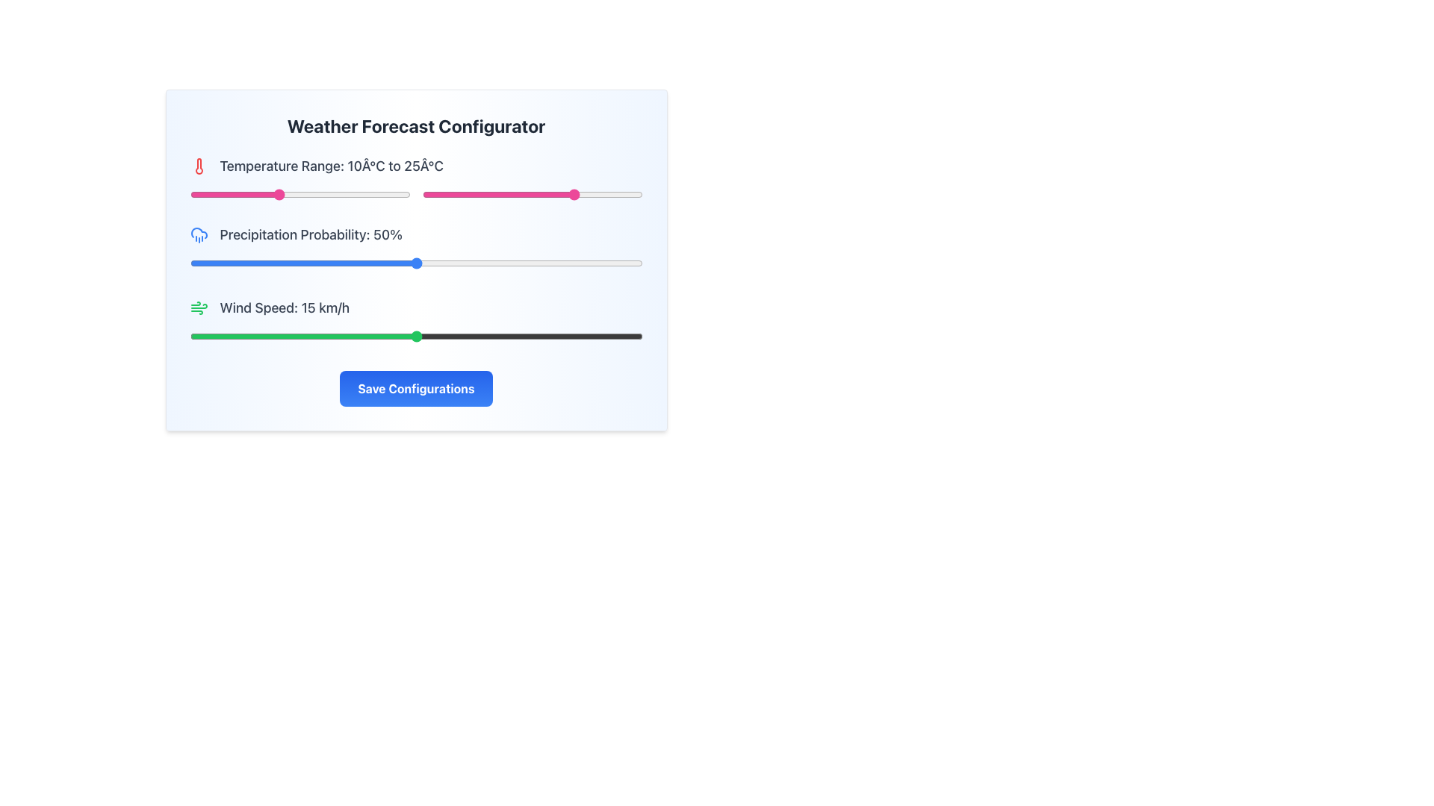 This screenshot has height=806, width=1434. I want to click on the interactive range slider displaying 'Precipitation Probability: 50%' to set a desired value, so click(416, 249).